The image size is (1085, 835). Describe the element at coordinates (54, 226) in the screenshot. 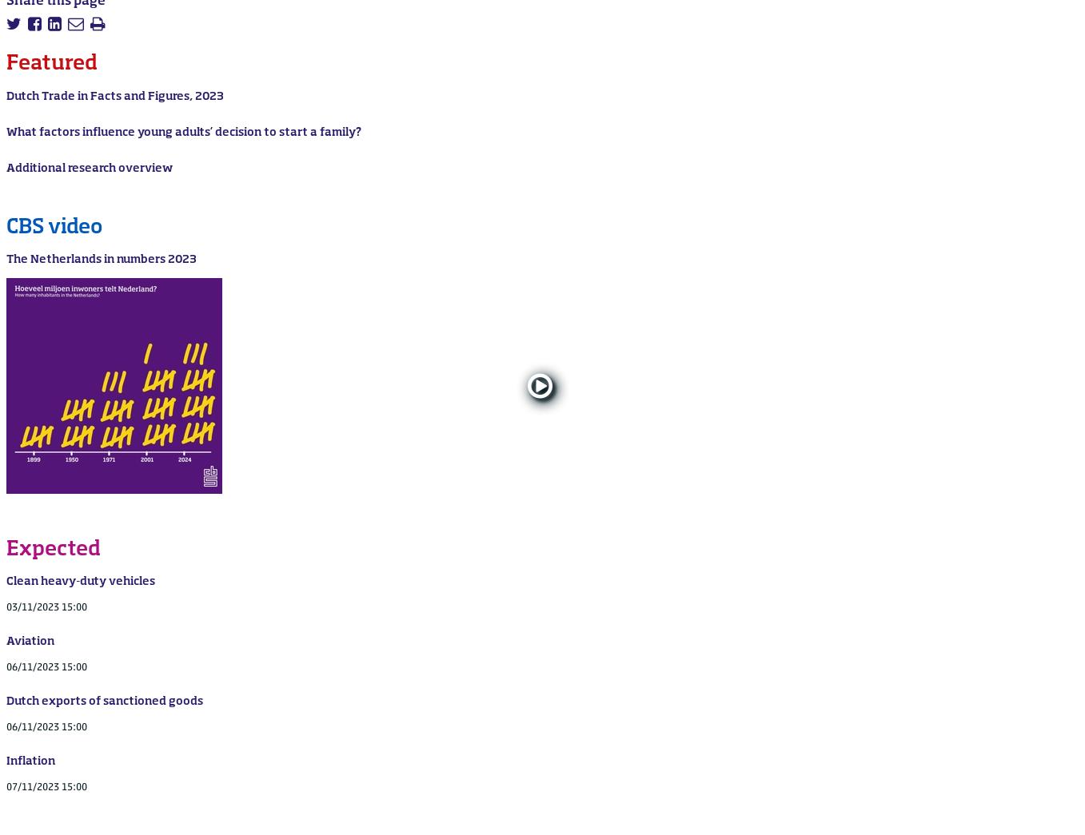

I see `'CBS video'` at that location.